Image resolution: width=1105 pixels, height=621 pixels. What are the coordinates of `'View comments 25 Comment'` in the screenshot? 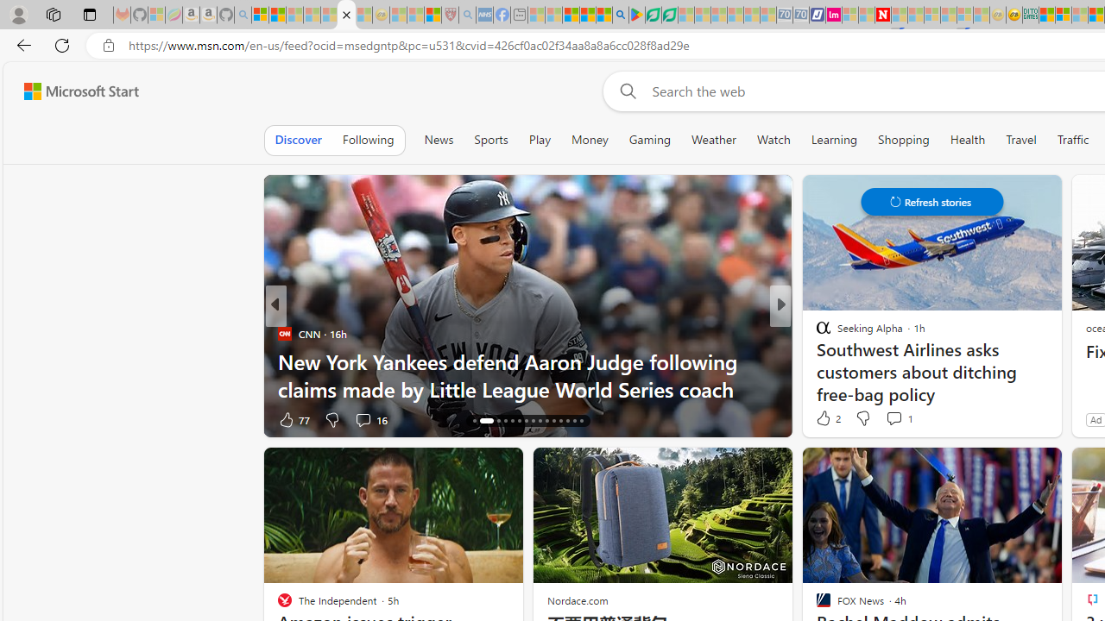 It's located at (894, 419).